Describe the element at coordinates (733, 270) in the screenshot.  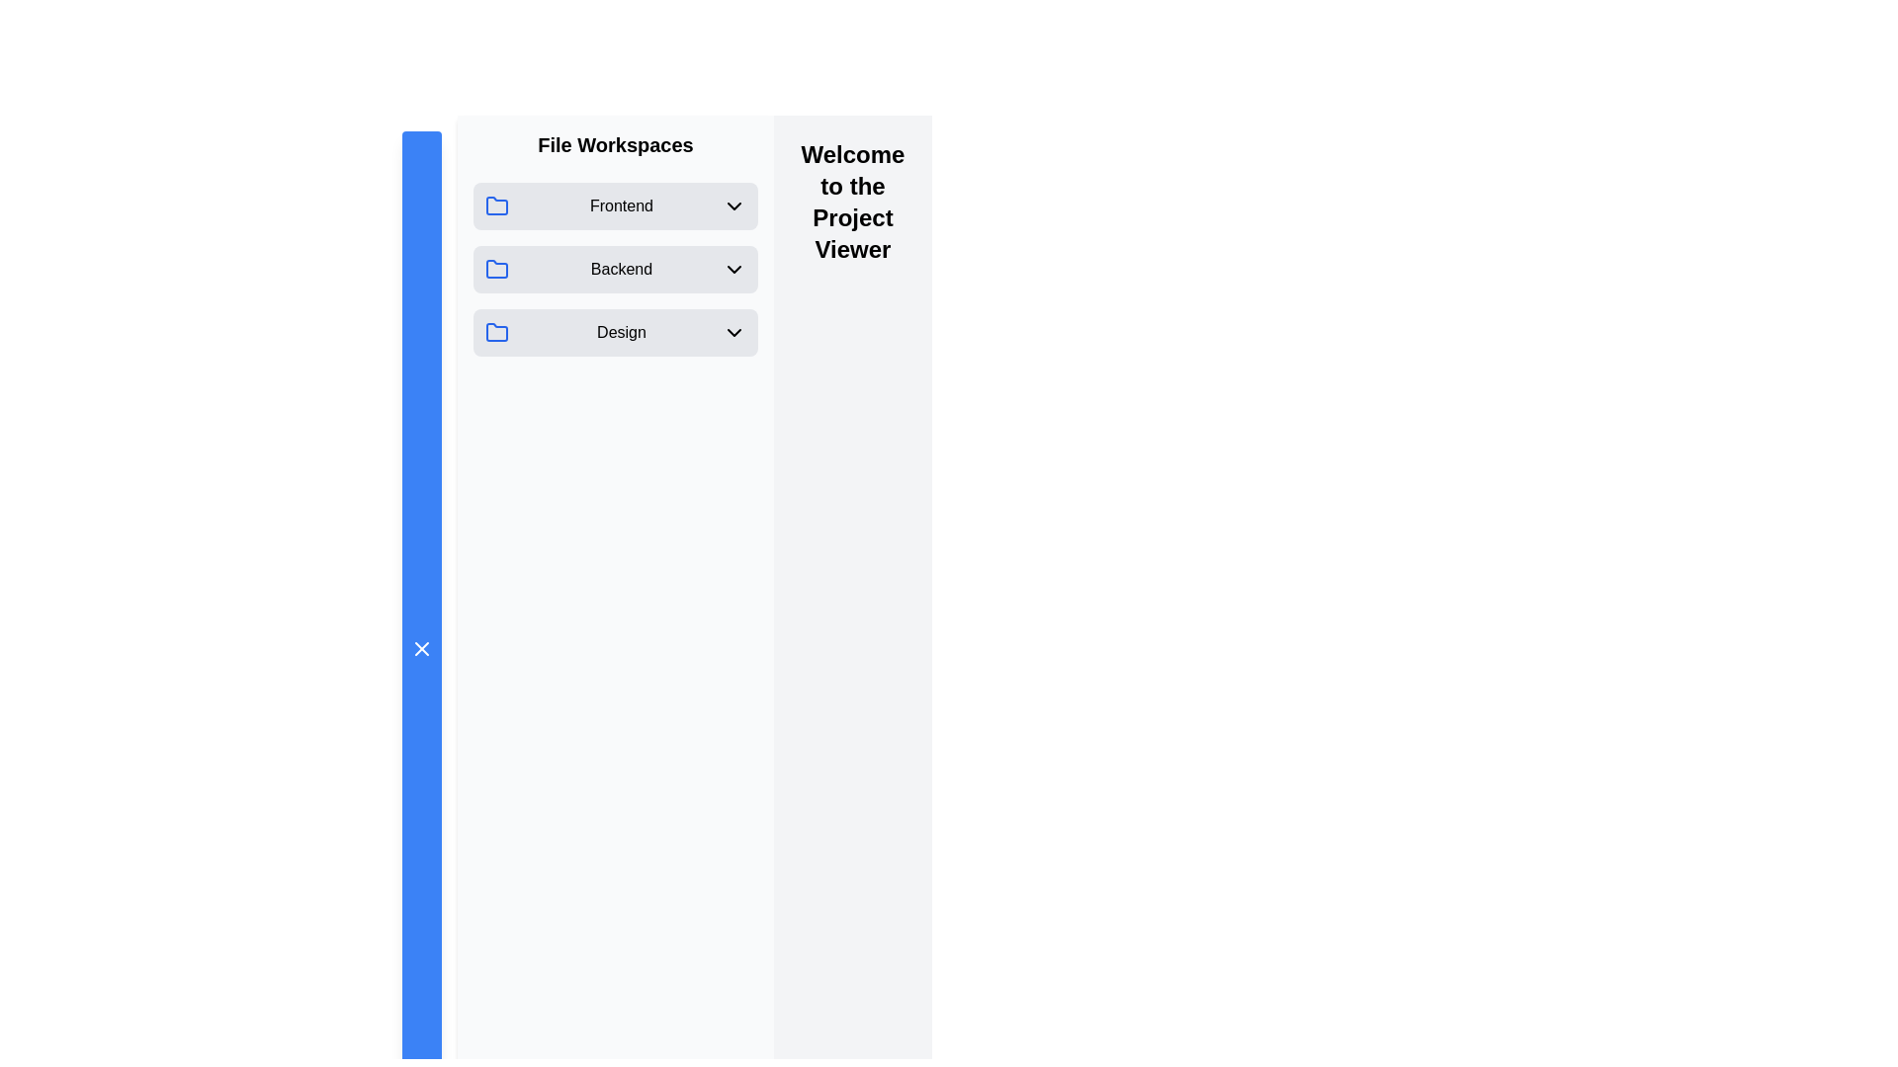
I see `the chevron icon located to the right of the 'Backend' text` at that location.